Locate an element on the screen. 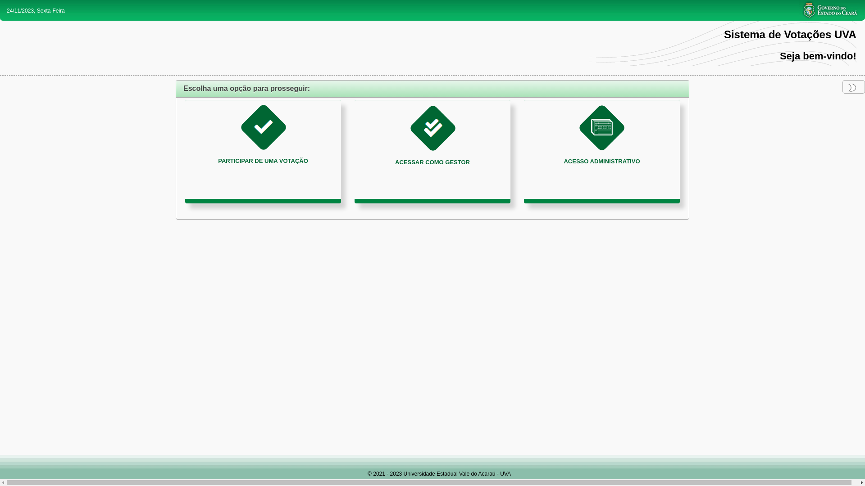 The width and height of the screenshot is (865, 486). 'ACESSO ADMINISTRATIVO' is located at coordinates (601, 151).